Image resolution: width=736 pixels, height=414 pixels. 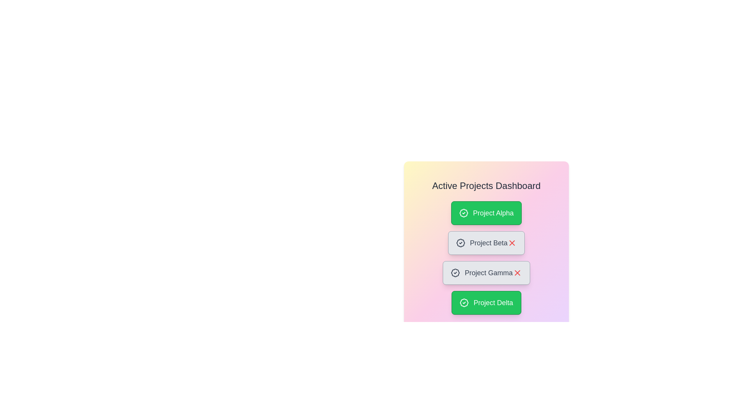 What do you see at coordinates (486, 213) in the screenshot?
I see `the project card with label Project Alpha` at bounding box center [486, 213].